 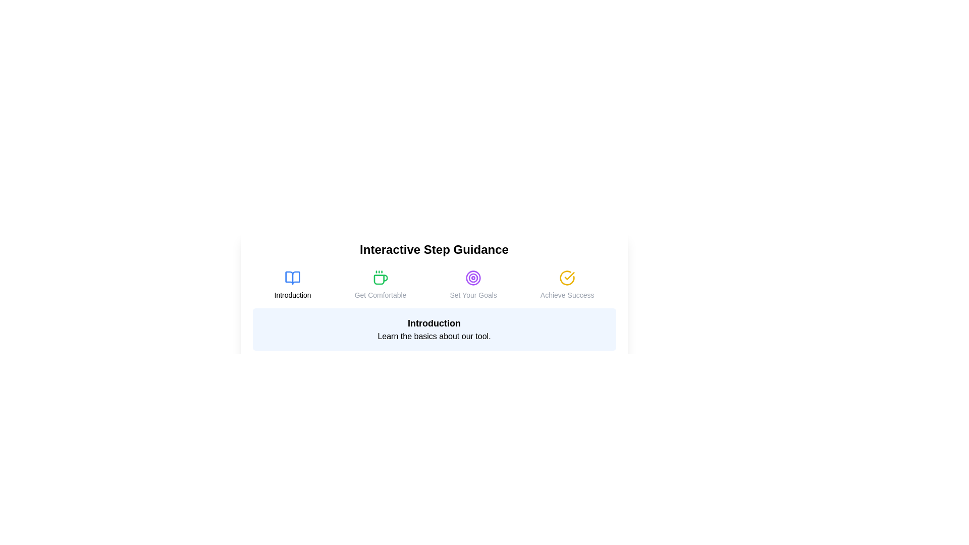 What do you see at coordinates (473, 278) in the screenshot?
I see `the circular purple icon located above the text 'Set Your Goals' in the 'Interactive Step Guidance' section` at bounding box center [473, 278].